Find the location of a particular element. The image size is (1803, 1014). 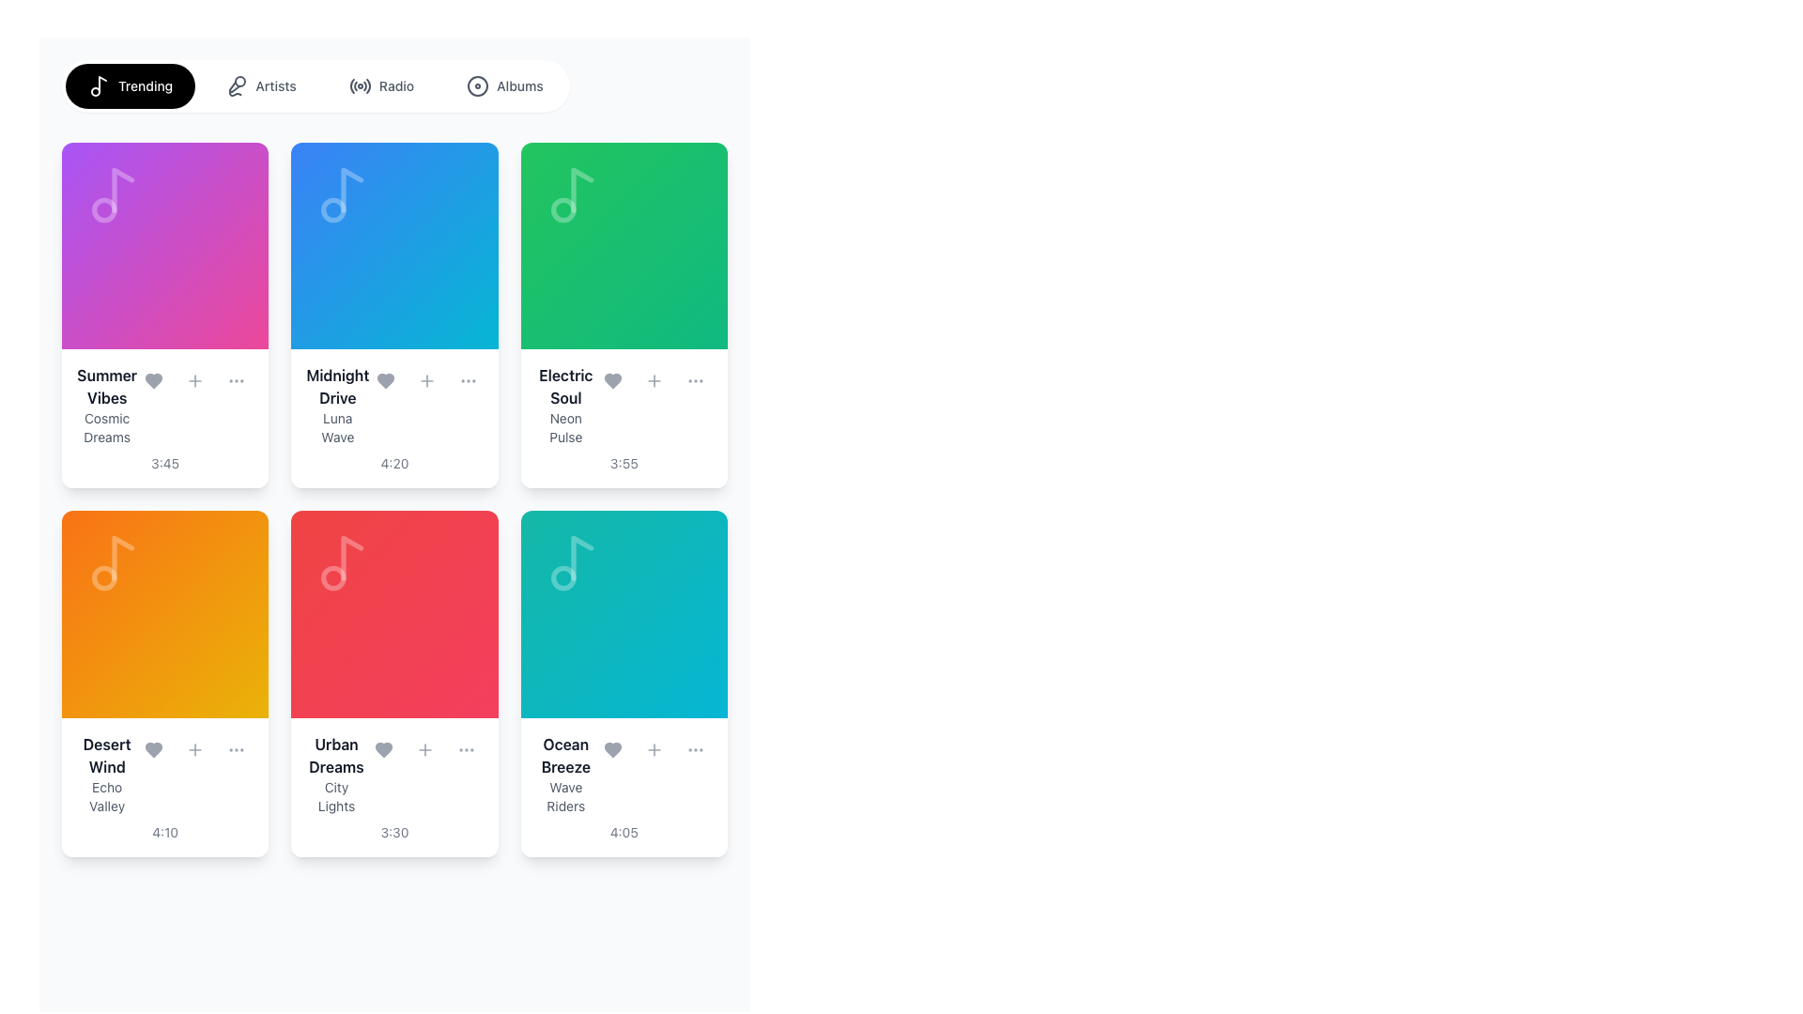

the music track card located is located at coordinates (165, 684).